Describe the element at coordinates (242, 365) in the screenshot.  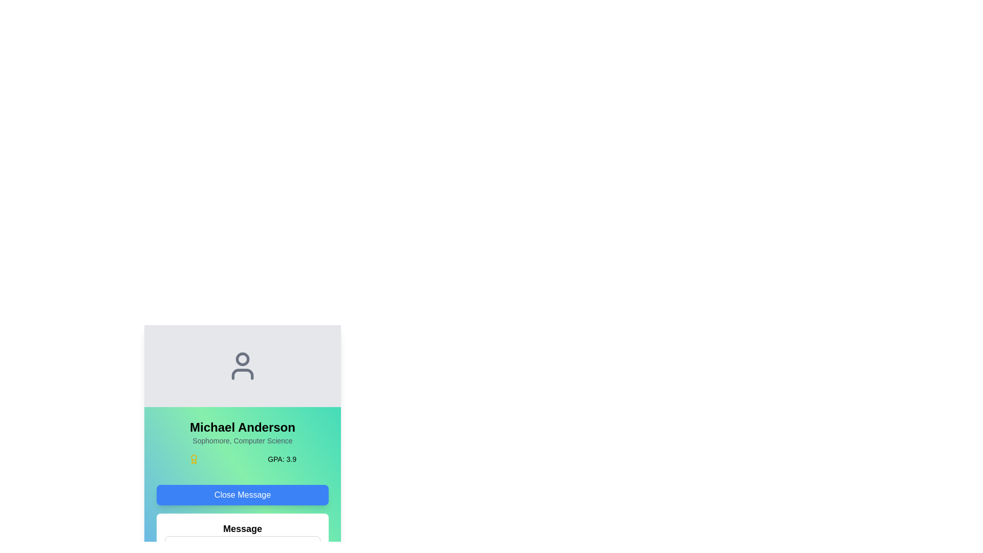
I see `the user profile icon, which is a gray outline of a person within a circular design, located at the top center of the interface` at that location.